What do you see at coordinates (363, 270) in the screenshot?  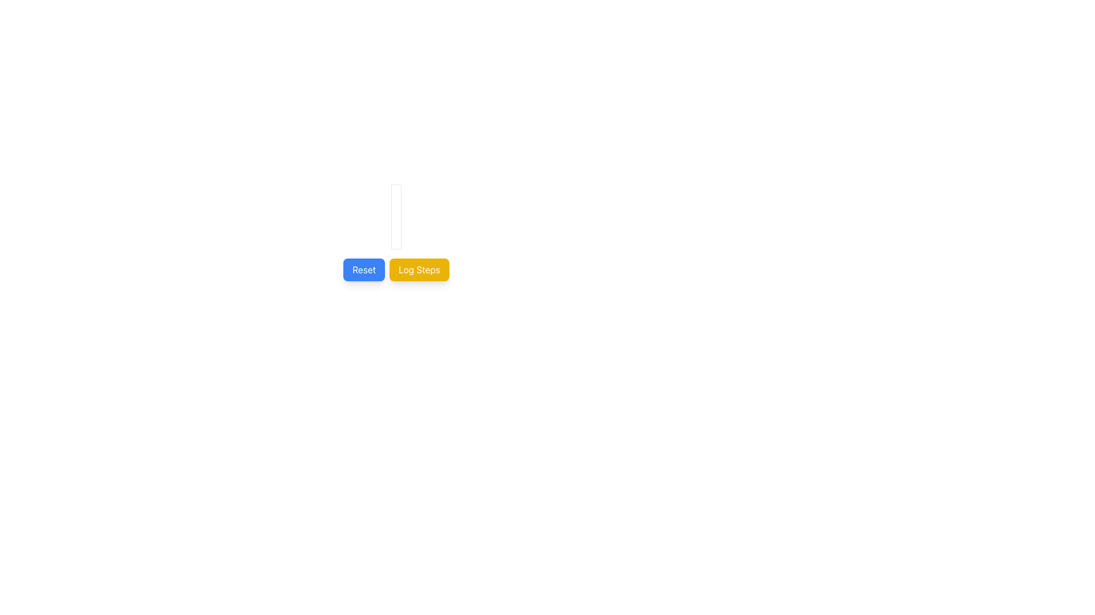 I see `the 'Reset' button with a blue background and white text to observe the style change` at bounding box center [363, 270].